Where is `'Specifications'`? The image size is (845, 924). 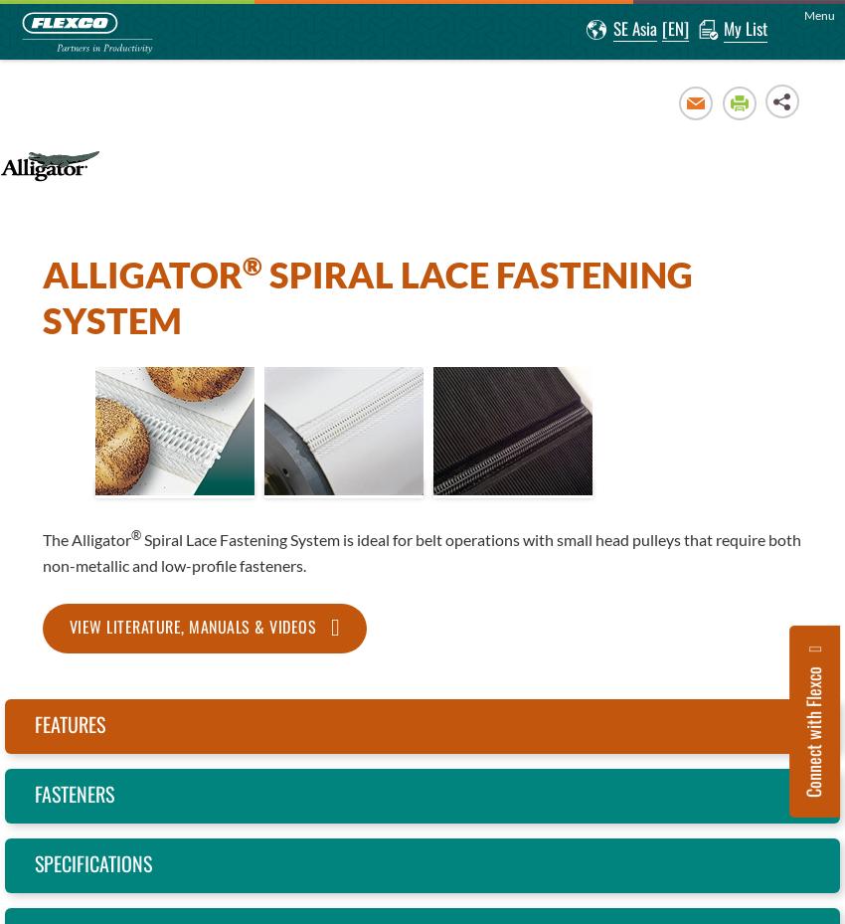 'Specifications' is located at coordinates (92, 862).